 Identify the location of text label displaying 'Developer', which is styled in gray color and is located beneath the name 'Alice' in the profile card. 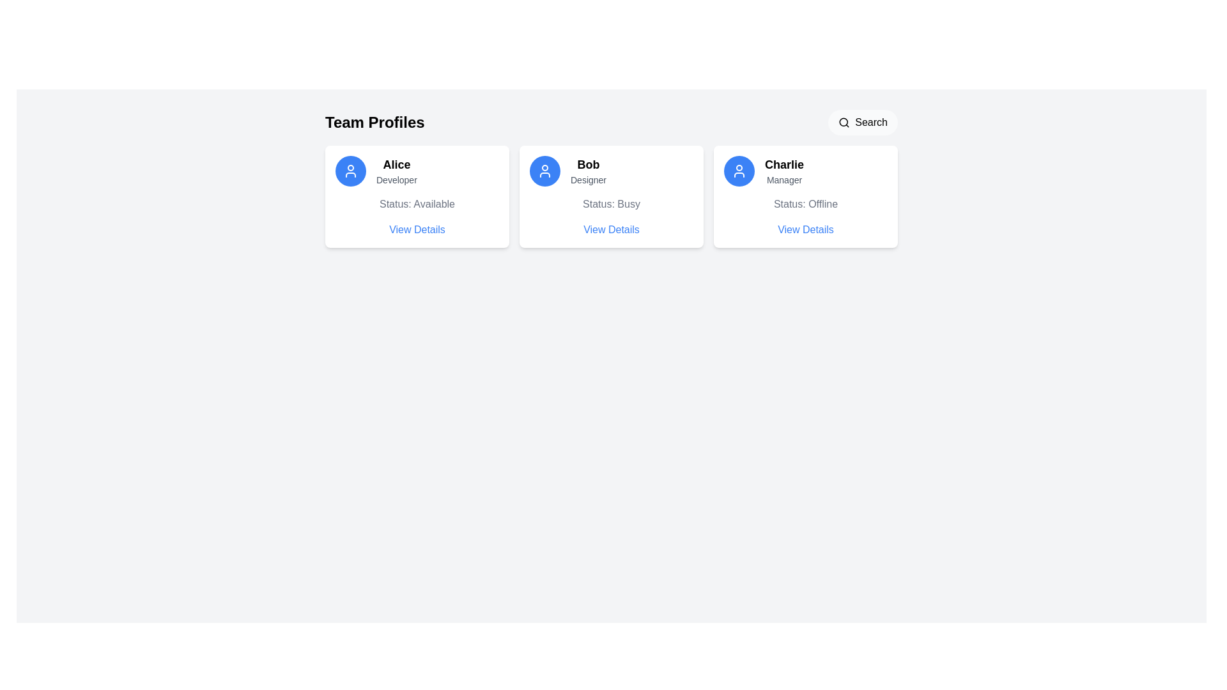
(396, 180).